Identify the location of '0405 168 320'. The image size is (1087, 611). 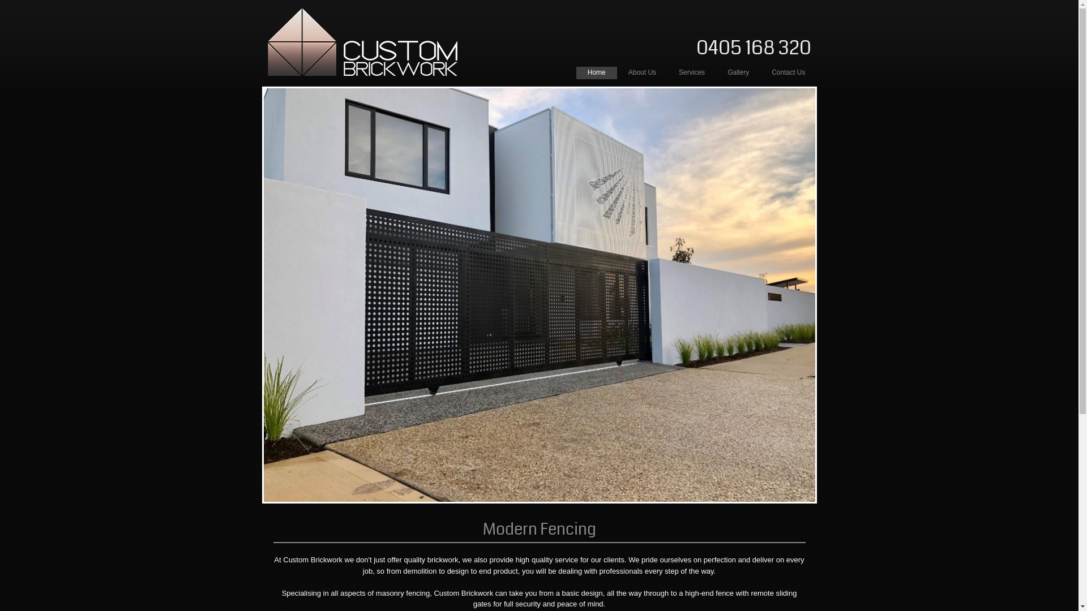
(754, 47).